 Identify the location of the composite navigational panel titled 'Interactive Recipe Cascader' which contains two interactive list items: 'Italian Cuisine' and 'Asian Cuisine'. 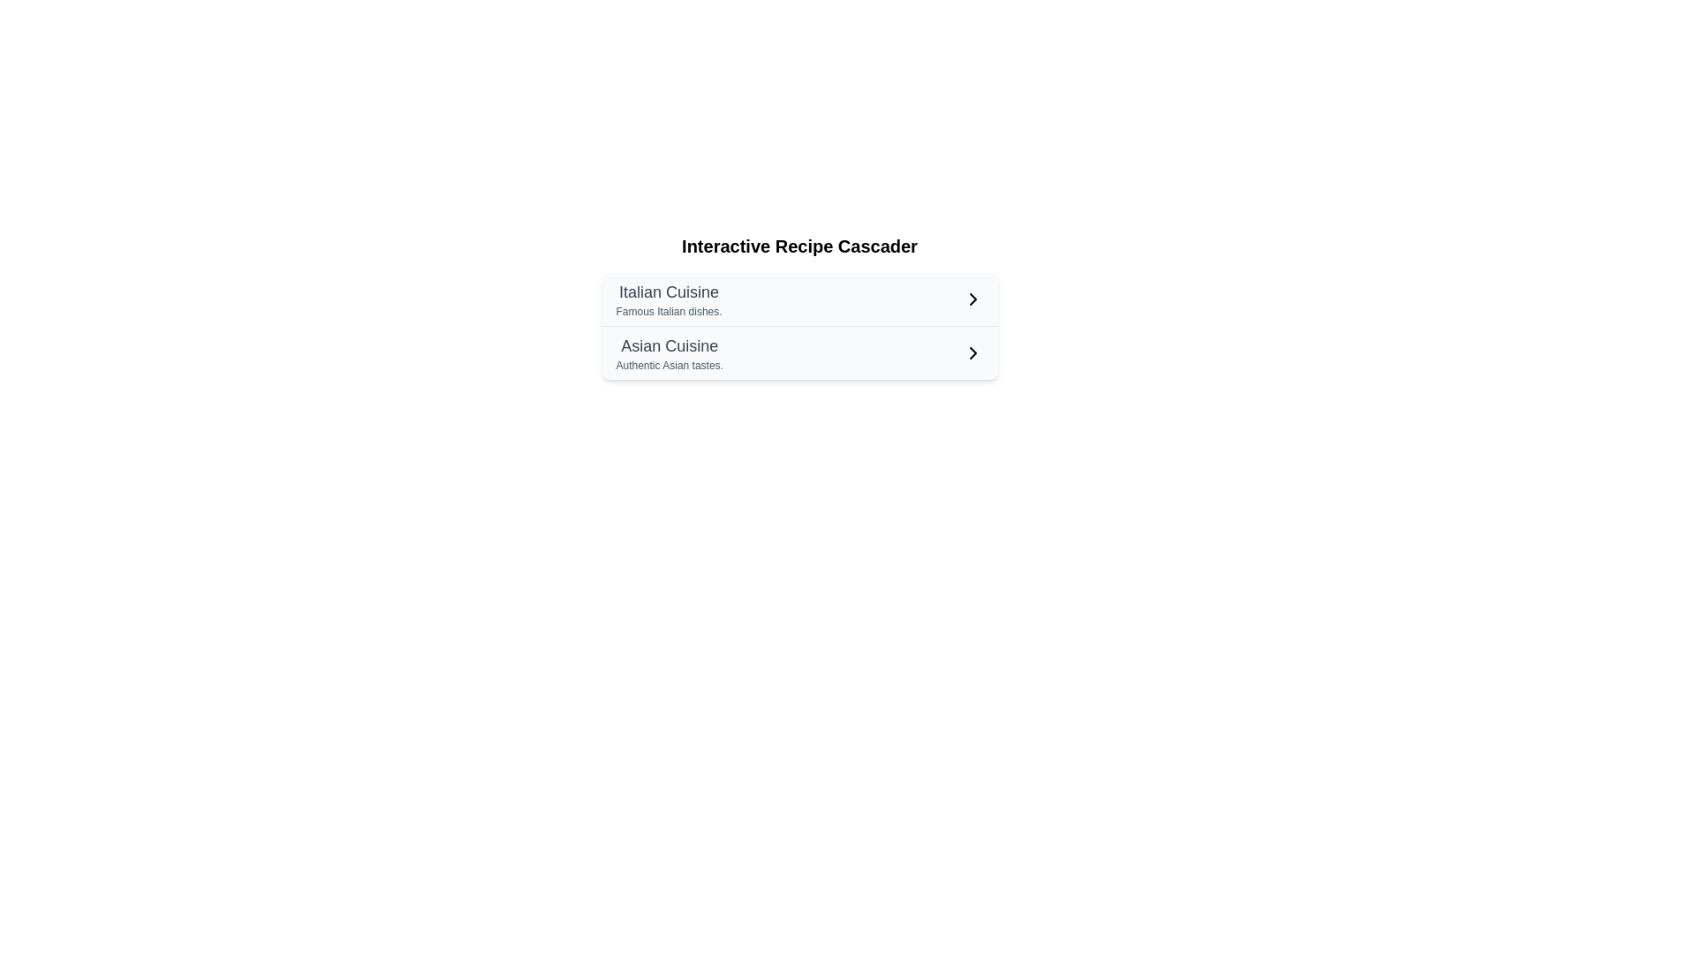
(799, 306).